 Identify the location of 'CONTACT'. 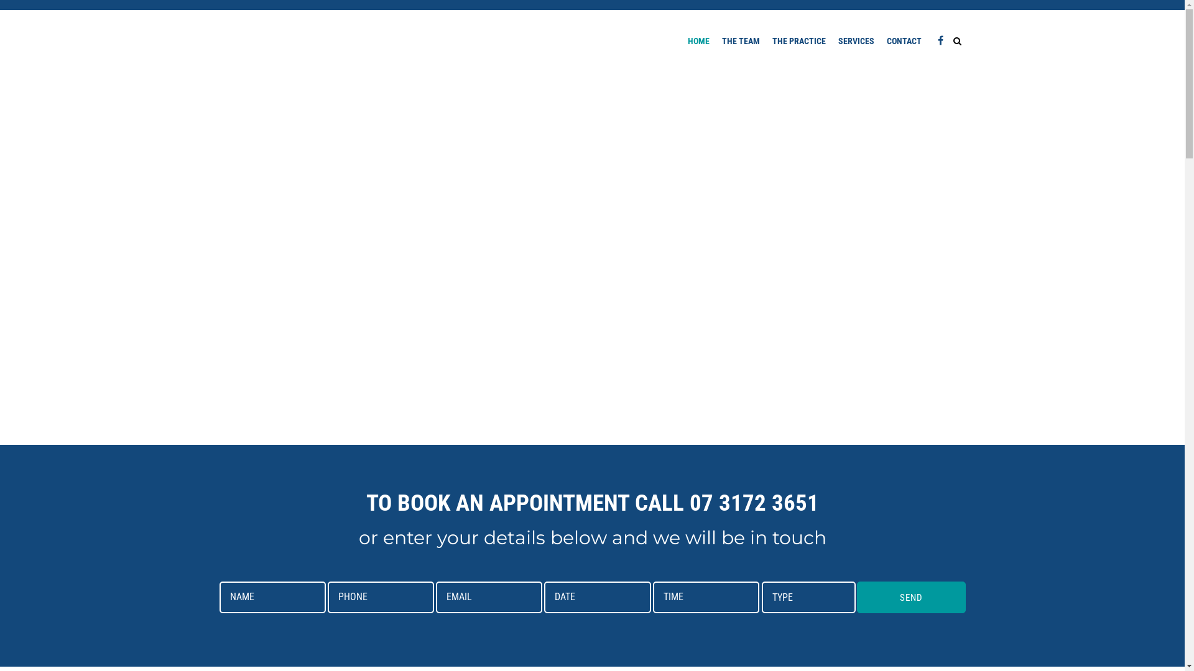
(904, 40).